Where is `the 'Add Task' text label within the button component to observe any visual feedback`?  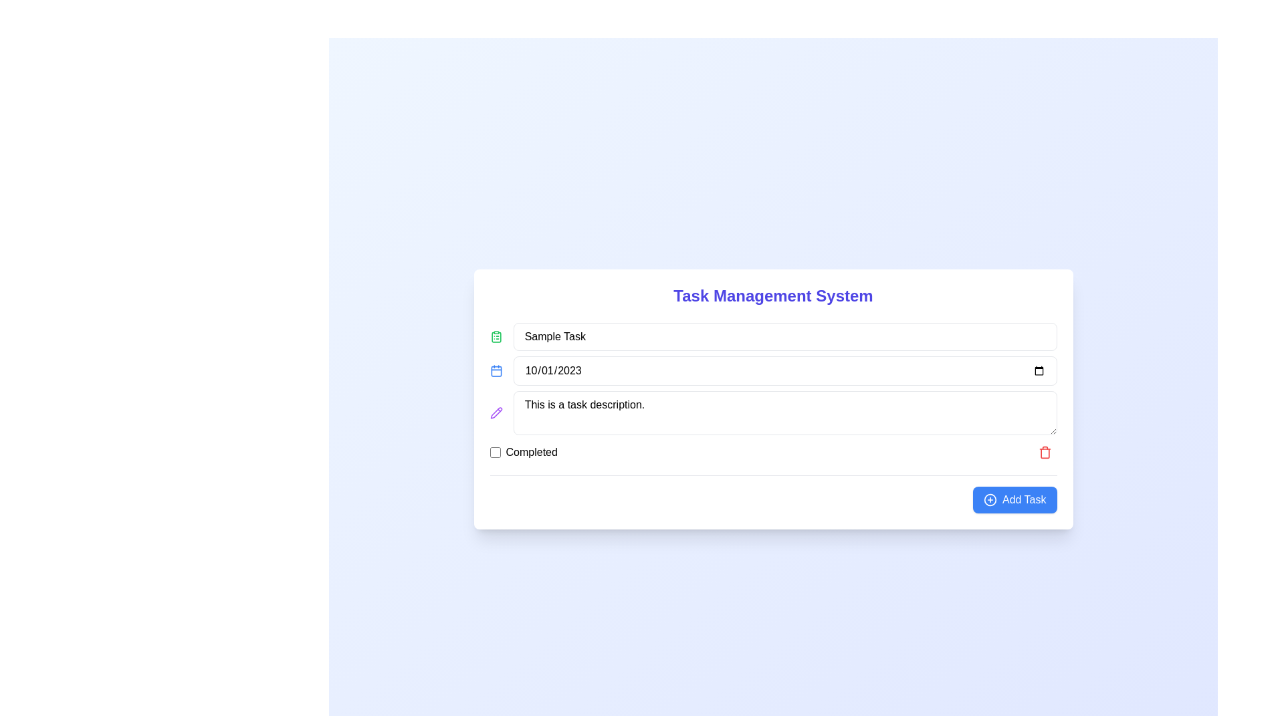 the 'Add Task' text label within the button component to observe any visual feedback is located at coordinates (1023, 499).